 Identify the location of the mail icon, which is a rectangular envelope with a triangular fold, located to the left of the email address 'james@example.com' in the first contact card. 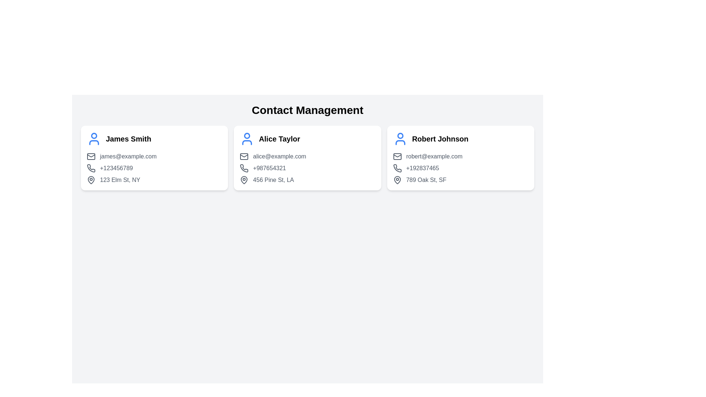
(91, 156).